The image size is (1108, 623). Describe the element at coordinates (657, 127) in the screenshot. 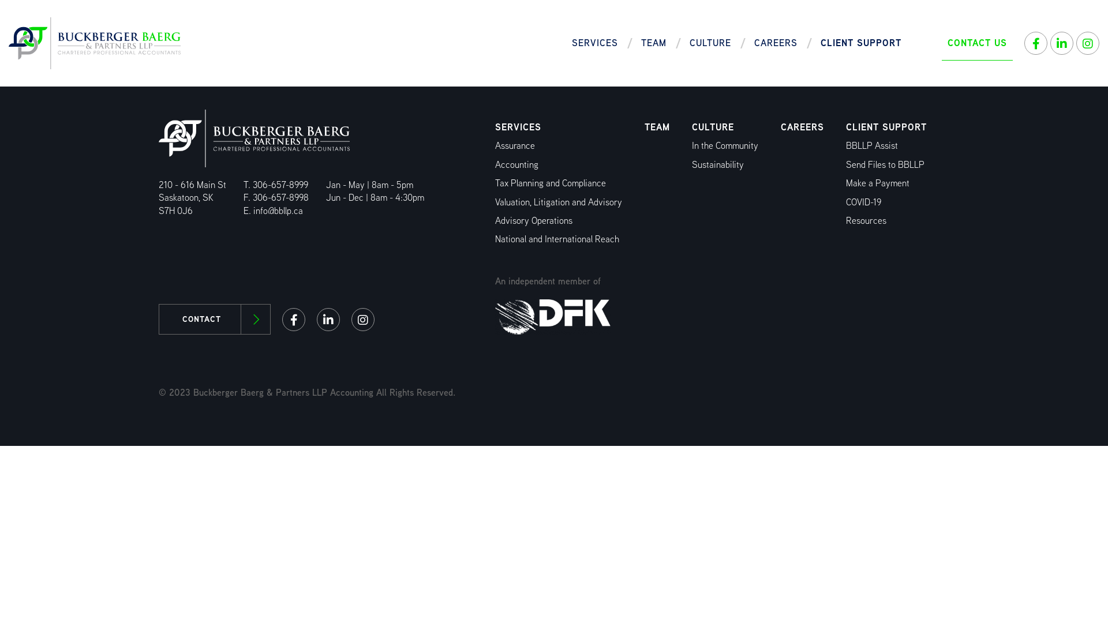

I see `'TEAM'` at that location.